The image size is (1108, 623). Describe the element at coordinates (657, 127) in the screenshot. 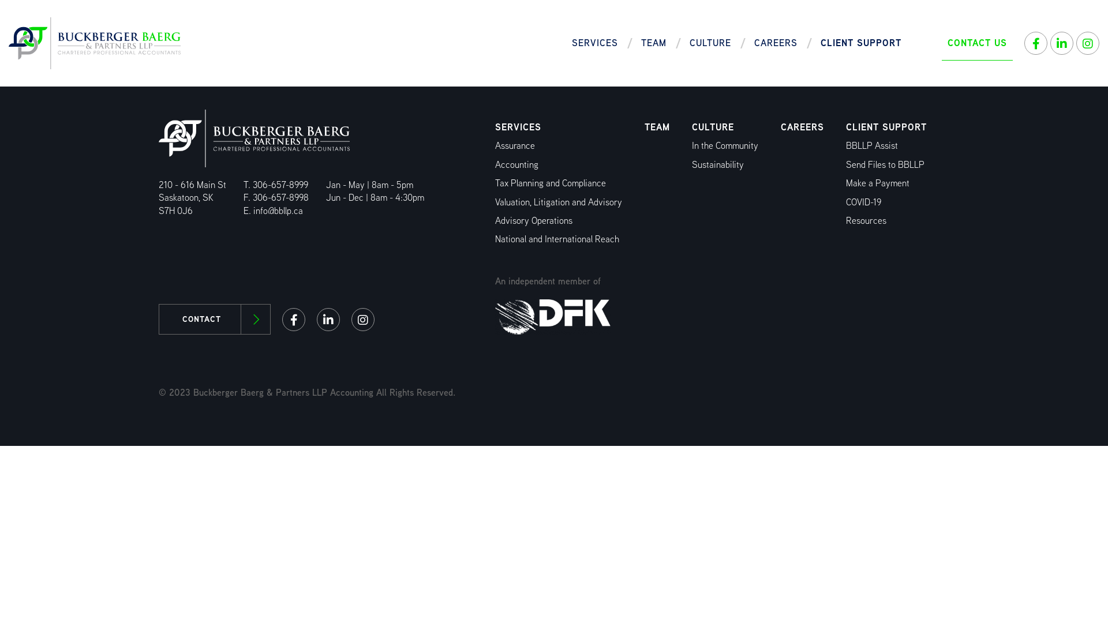

I see `'TEAM'` at that location.